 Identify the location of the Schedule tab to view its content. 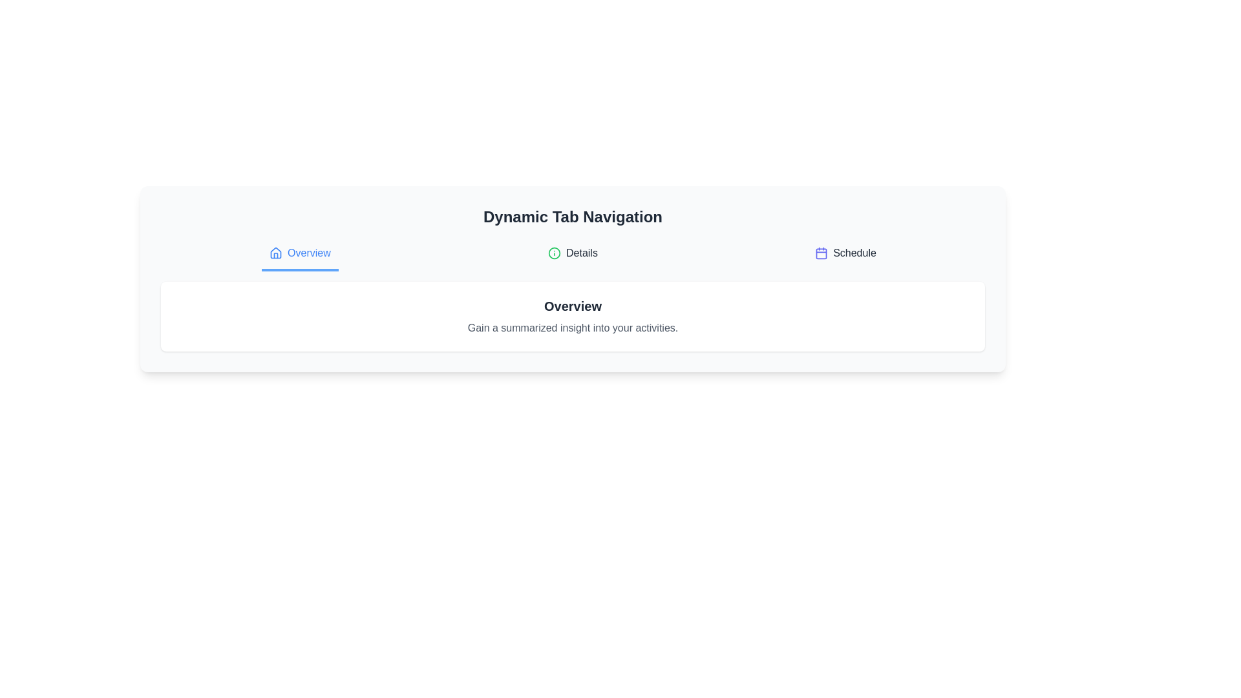
(845, 254).